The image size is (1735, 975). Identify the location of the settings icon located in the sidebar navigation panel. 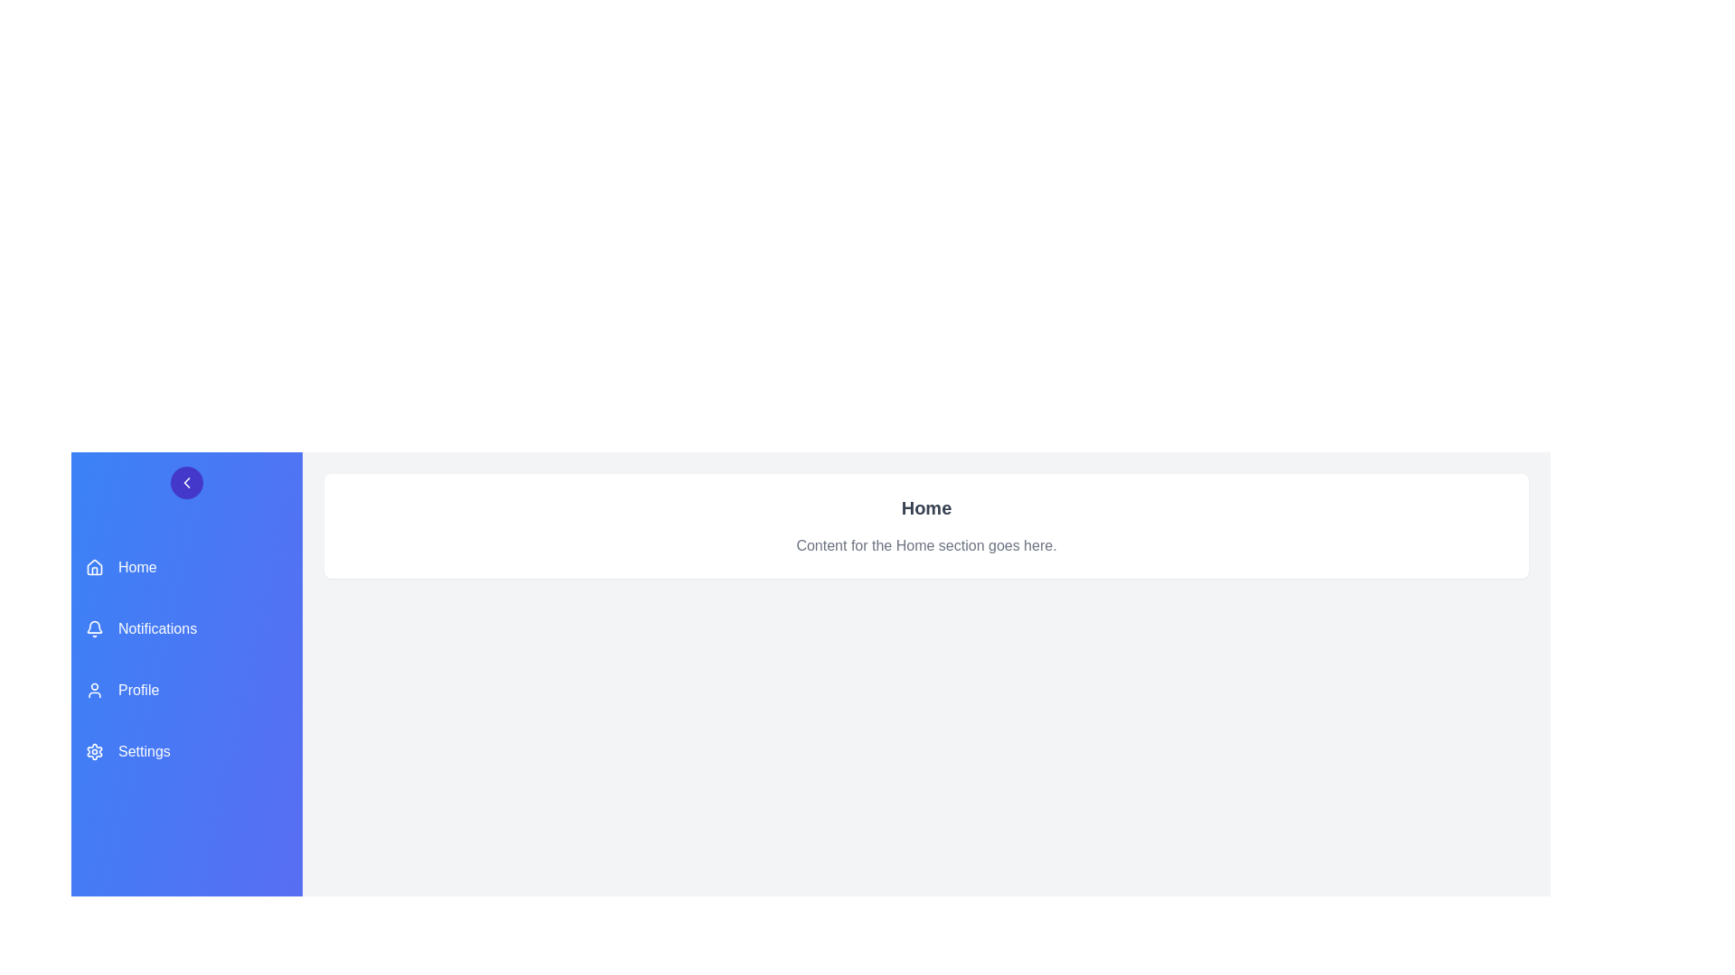
(94, 752).